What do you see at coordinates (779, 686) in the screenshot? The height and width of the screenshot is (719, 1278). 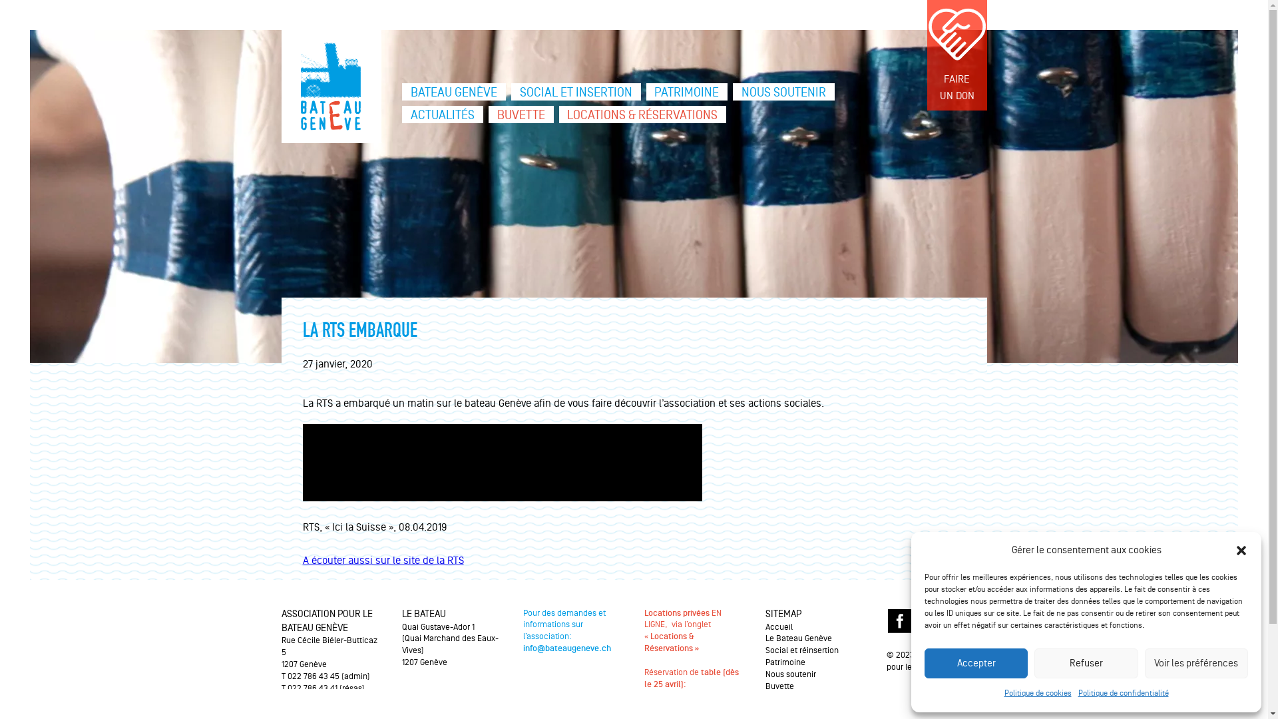 I see `'Buvette'` at bounding box center [779, 686].